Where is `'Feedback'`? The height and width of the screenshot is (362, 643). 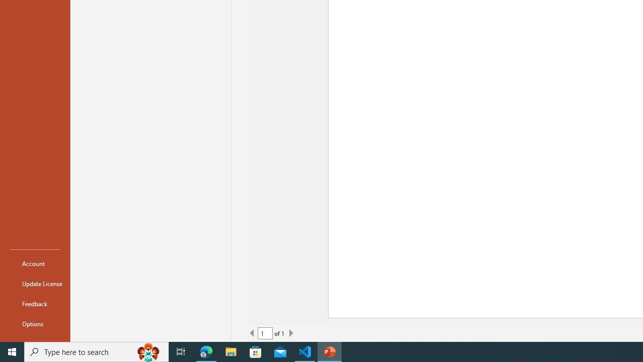 'Feedback' is located at coordinates (35, 303).